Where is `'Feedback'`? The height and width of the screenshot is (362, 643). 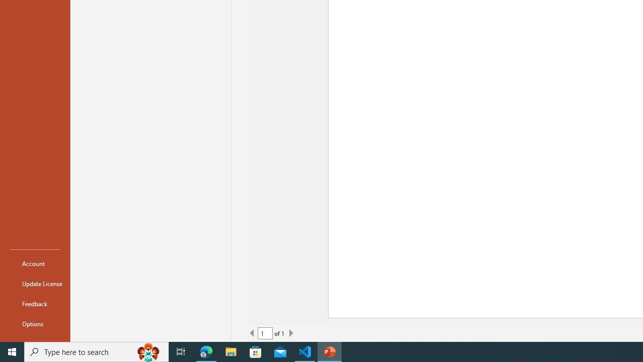 'Feedback' is located at coordinates (35, 303).